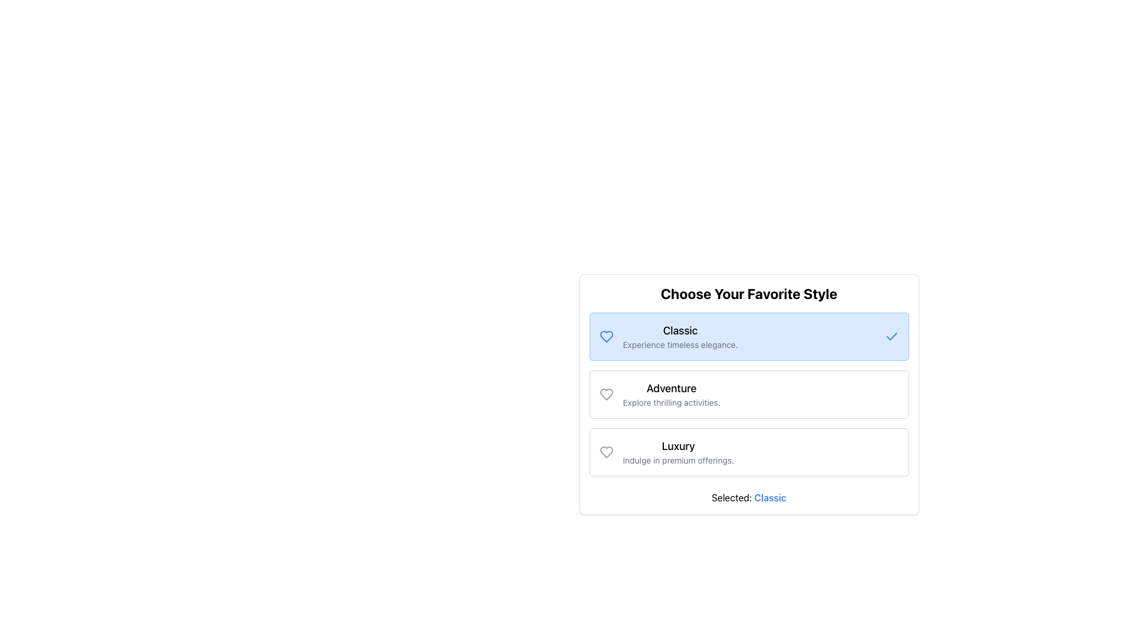 The width and height of the screenshot is (1132, 637). What do you see at coordinates (748, 394) in the screenshot?
I see `the second selectable list item in the options list` at bounding box center [748, 394].